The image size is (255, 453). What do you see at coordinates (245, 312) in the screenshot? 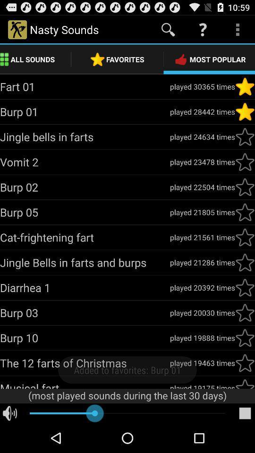
I see `mark as favorite` at bounding box center [245, 312].